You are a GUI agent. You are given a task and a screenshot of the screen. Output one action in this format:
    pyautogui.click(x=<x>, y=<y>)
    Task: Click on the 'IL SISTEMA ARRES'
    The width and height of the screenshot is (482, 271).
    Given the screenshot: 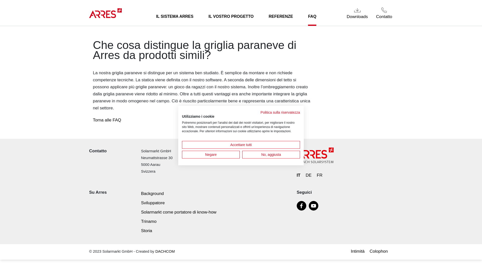 What is the action you would take?
    pyautogui.click(x=175, y=16)
    